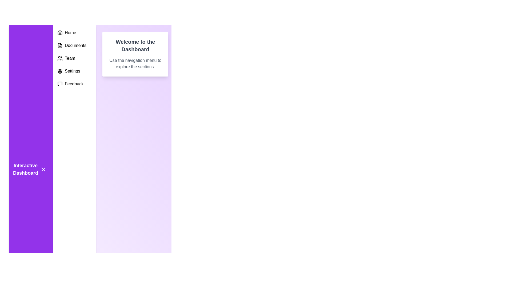  Describe the element at coordinates (75, 45) in the screenshot. I see `the 'Documents' static text label located in the left sidebar menu` at that location.